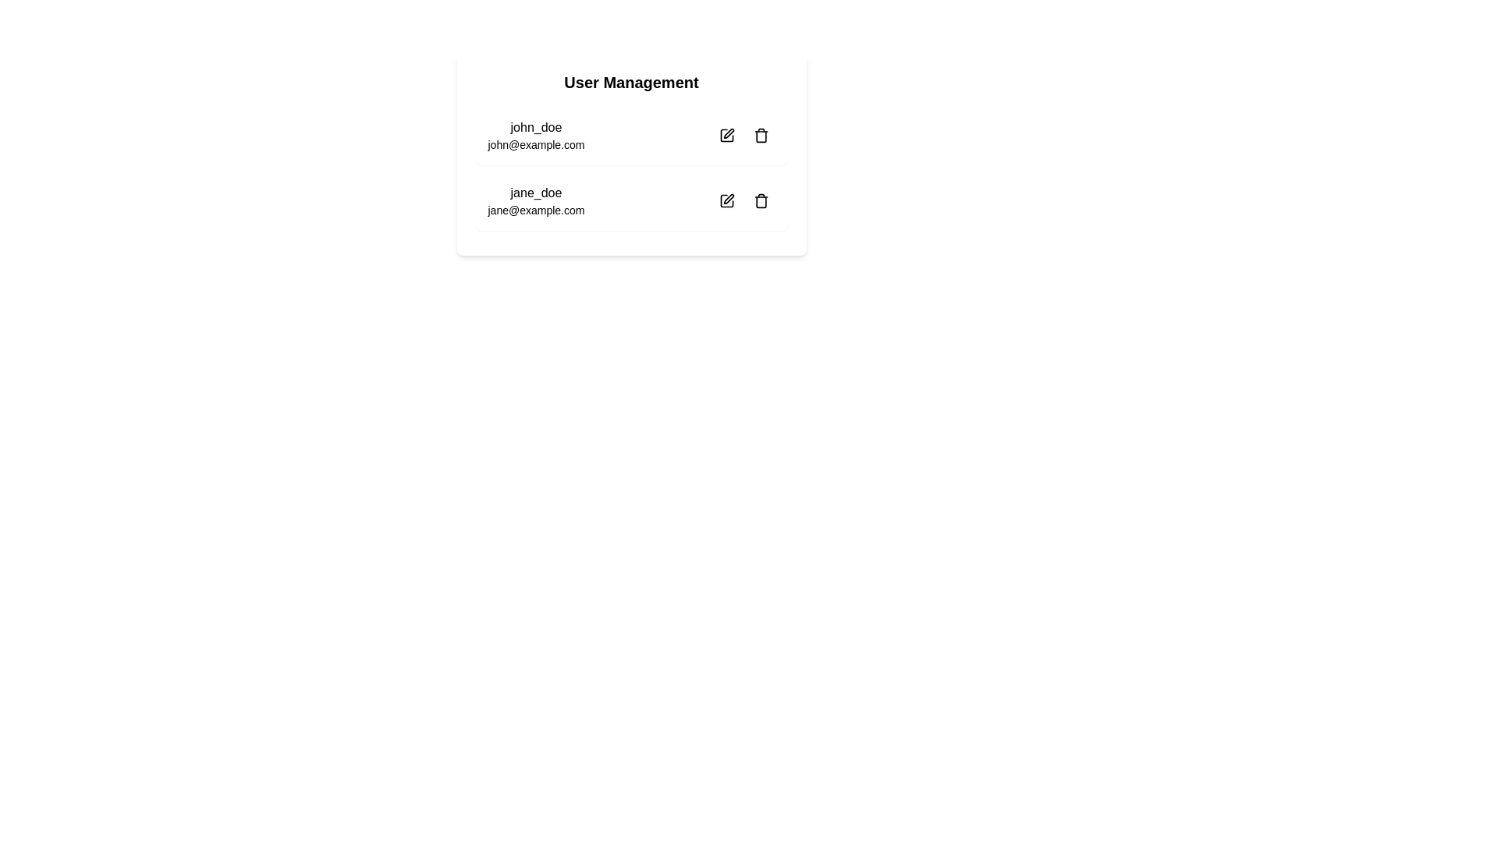  What do you see at coordinates (761, 134) in the screenshot?
I see `the delete icon button for user 'john_doe'` at bounding box center [761, 134].